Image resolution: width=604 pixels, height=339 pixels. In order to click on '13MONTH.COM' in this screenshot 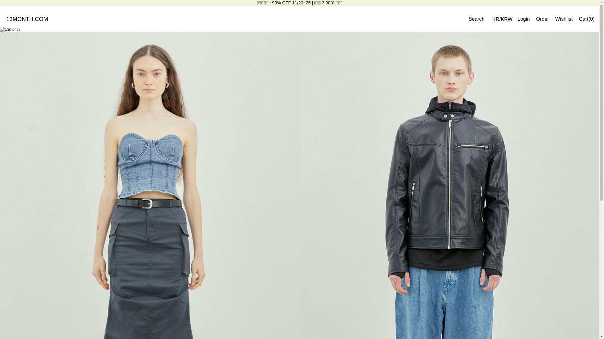, I will do `click(6, 19)`.